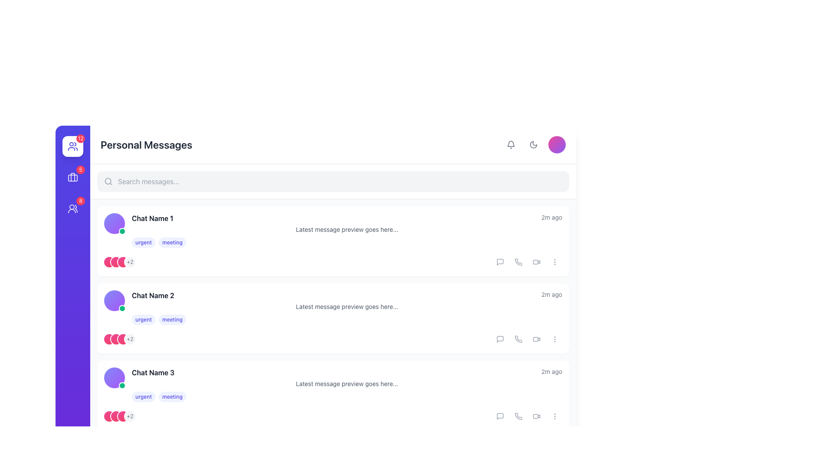 This screenshot has width=833, height=468. Describe the element at coordinates (144, 396) in the screenshot. I see `the badge labeled 'urgent', which has a light indigo background and indigo text, located in the first position among two sibling tags in the third chat entry row` at that location.